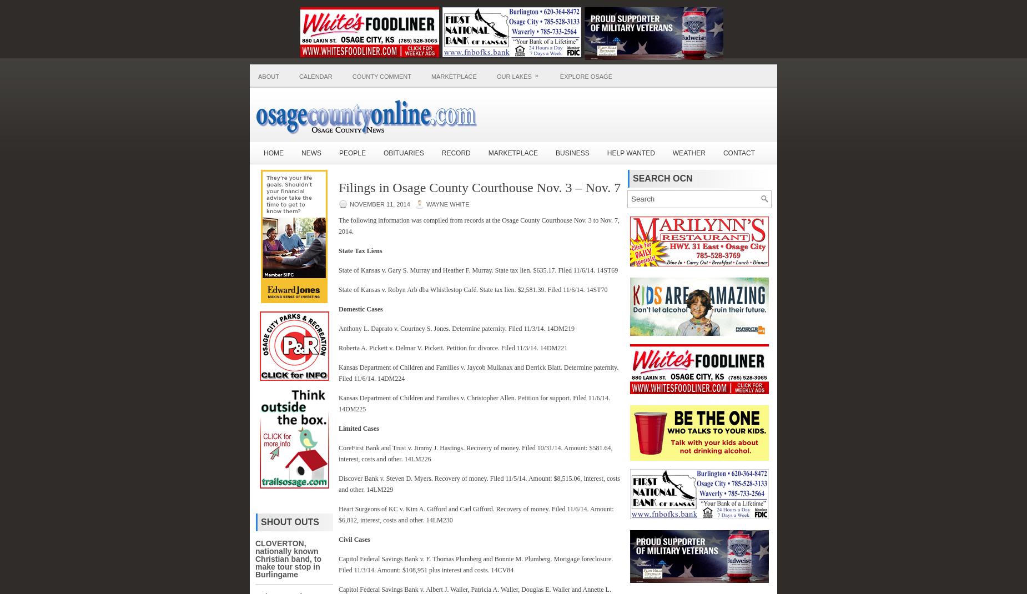 The height and width of the screenshot is (594, 1027). I want to click on 'Home', so click(274, 153).